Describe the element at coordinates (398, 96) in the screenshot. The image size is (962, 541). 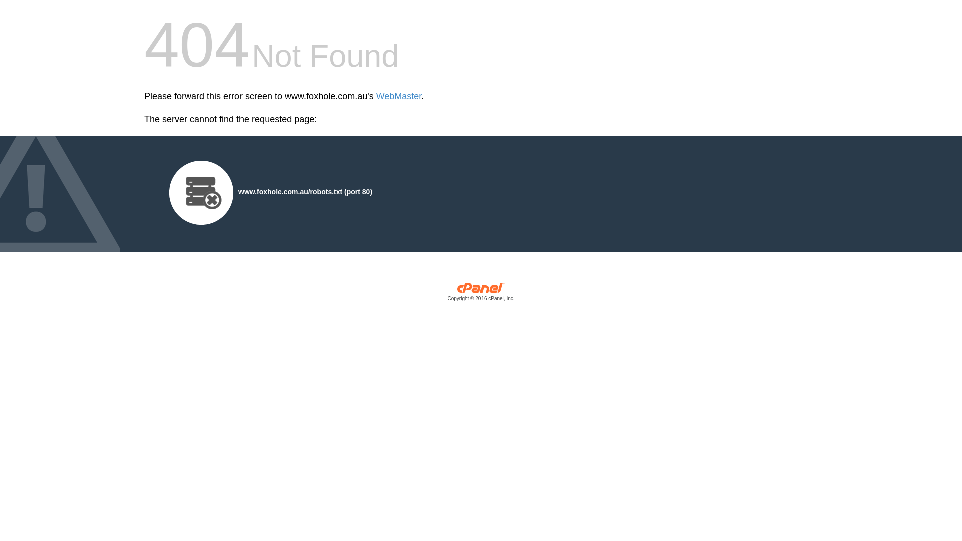
I see `'WebMaster'` at that location.